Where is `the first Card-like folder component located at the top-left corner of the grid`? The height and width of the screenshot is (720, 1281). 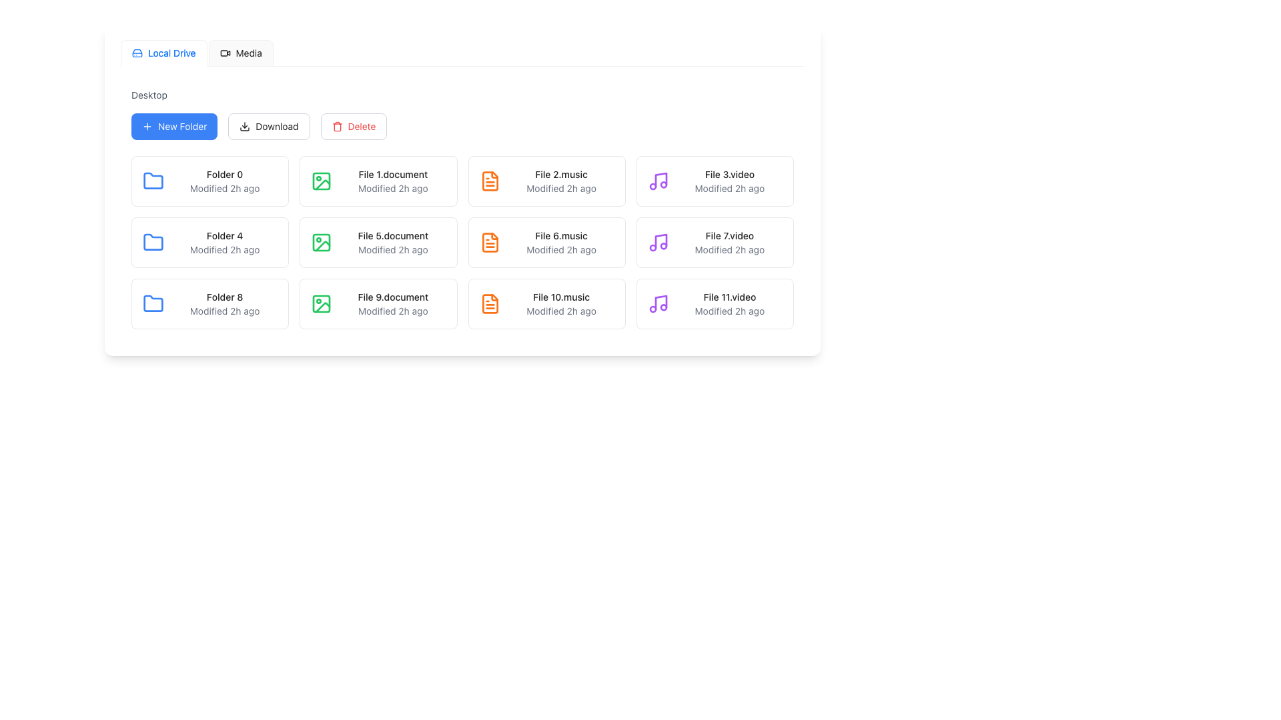
the first Card-like folder component located at the top-left corner of the grid is located at coordinates (209, 181).